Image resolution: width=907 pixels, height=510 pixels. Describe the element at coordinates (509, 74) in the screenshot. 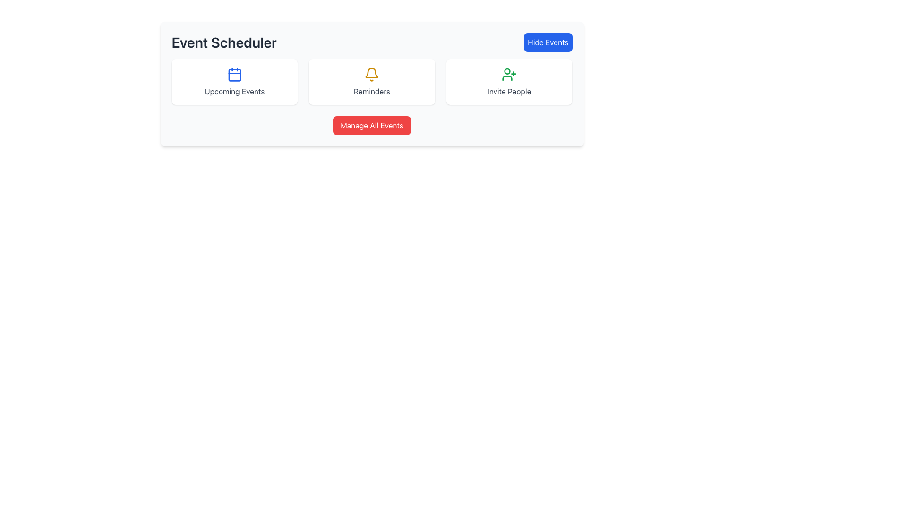

I see `the green user silhouette icon with a '+' symbol to initiate user invitation, located in the 'Invite People' card` at that location.